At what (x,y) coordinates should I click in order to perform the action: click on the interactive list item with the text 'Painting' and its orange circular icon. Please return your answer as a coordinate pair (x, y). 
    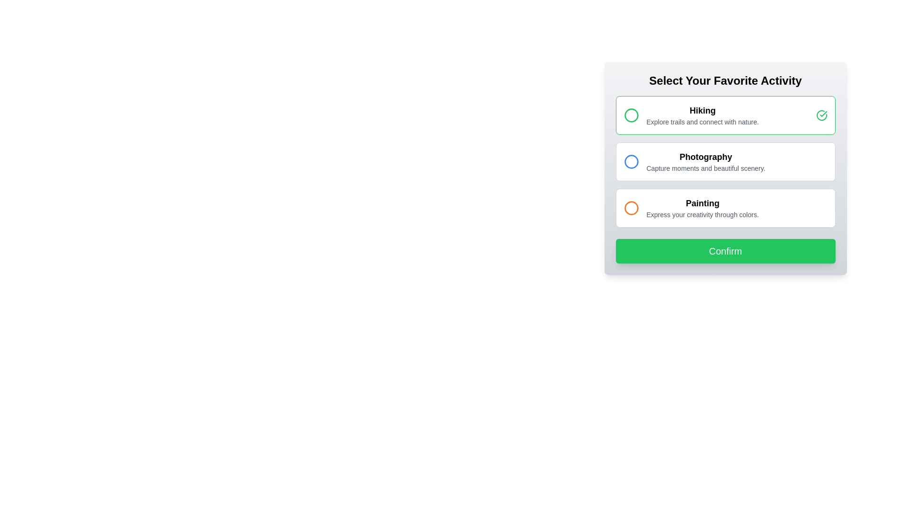
    Looking at the image, I should click on (691, 207).